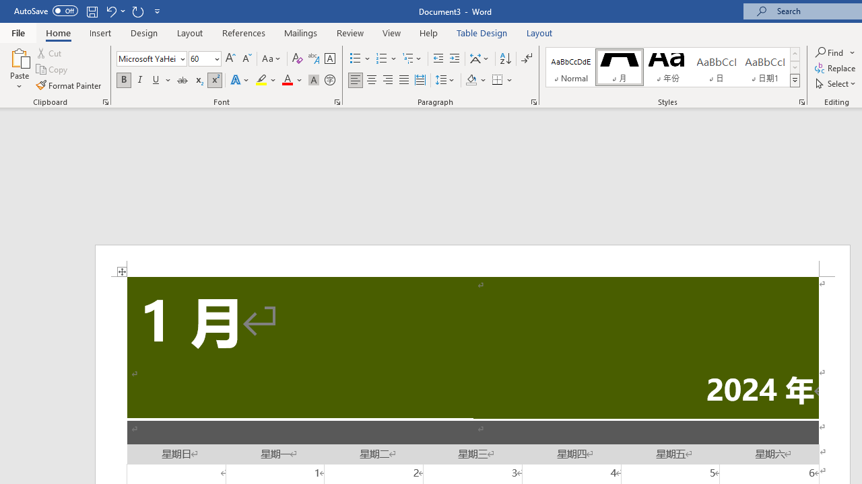  What do you see at coordinates (795, 80) in the screenshot?
I see `'Class: NetUIImage'` at bounding box center [795, 80].